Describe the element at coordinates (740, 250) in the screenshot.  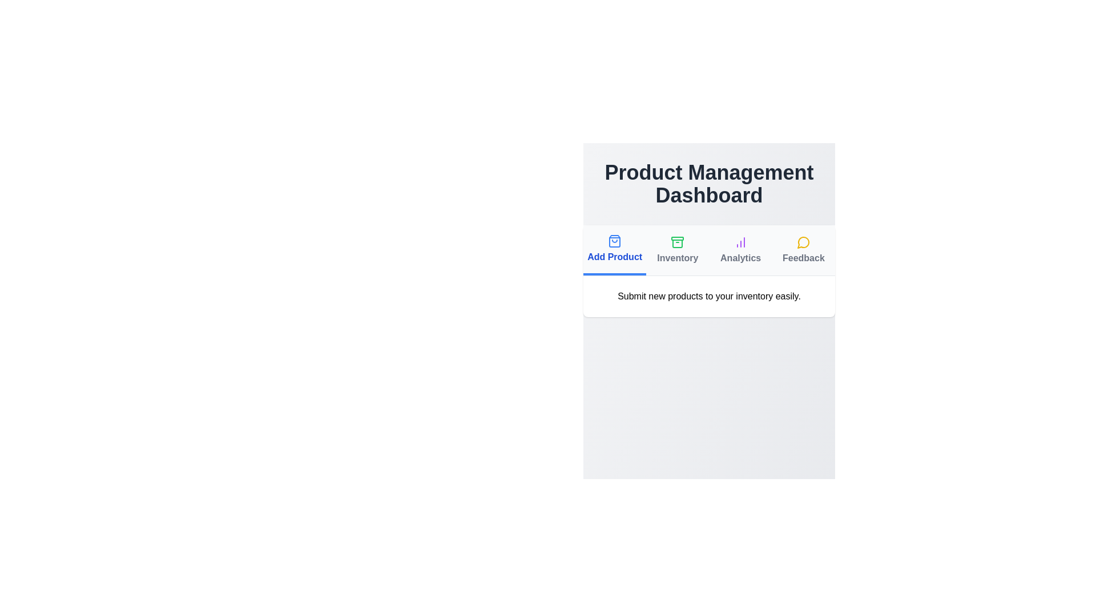
I see `the 'Analytics' button` at that location.